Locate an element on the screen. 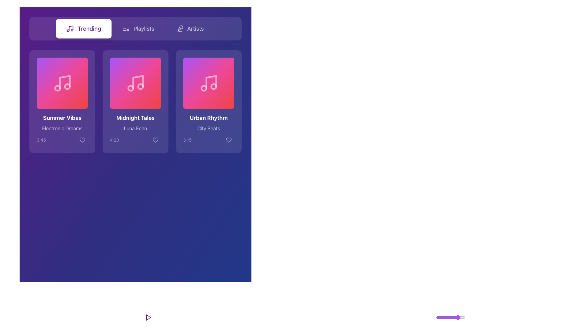 The width and height of the screenshot is (588, 331). the text label displaying 'Summer Vibes', which is styled in white, bold, large font, and is located in the leftmost card of the grid is located at coordinates (62, 118).